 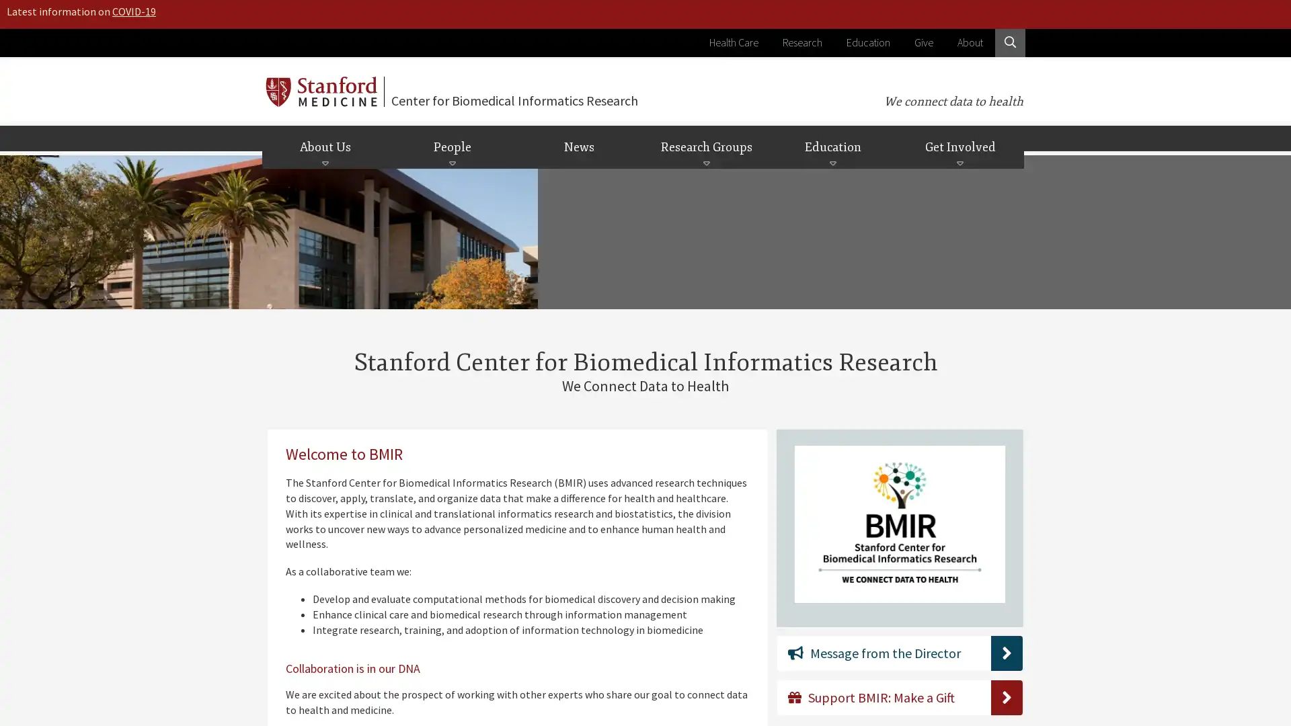 I want to click on open, so click(x=705, y=163).